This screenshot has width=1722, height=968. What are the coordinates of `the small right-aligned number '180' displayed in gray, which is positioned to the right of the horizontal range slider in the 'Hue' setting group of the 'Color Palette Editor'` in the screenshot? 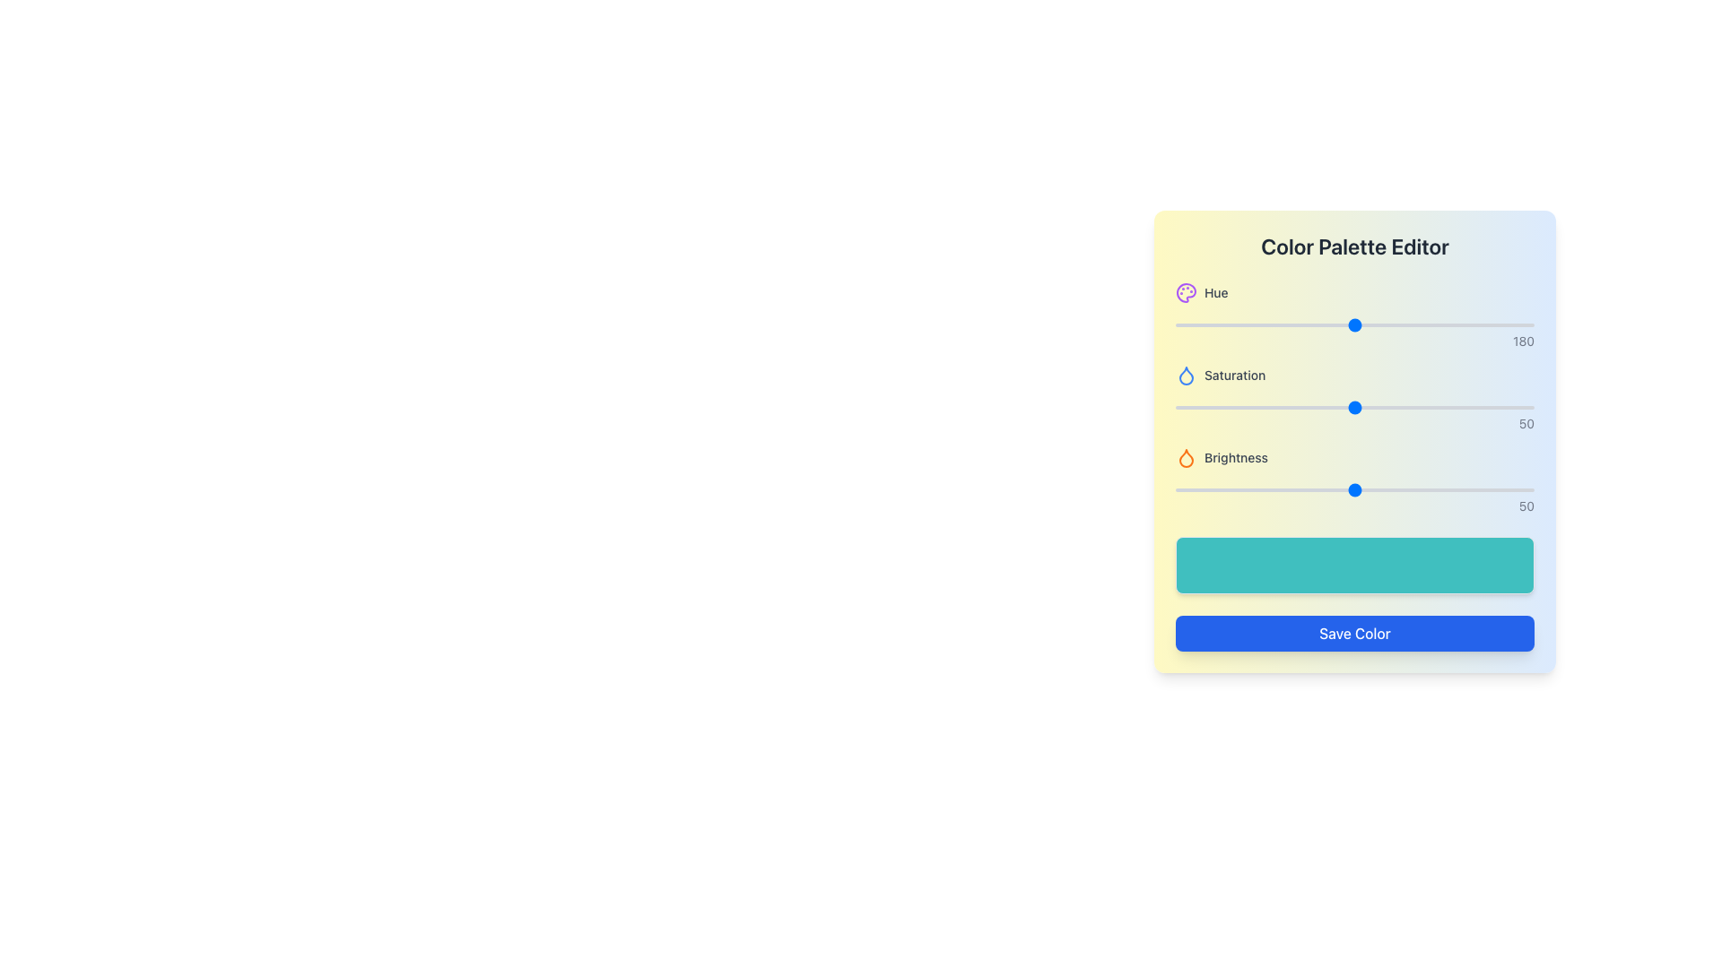 It's located at (1355, 341).